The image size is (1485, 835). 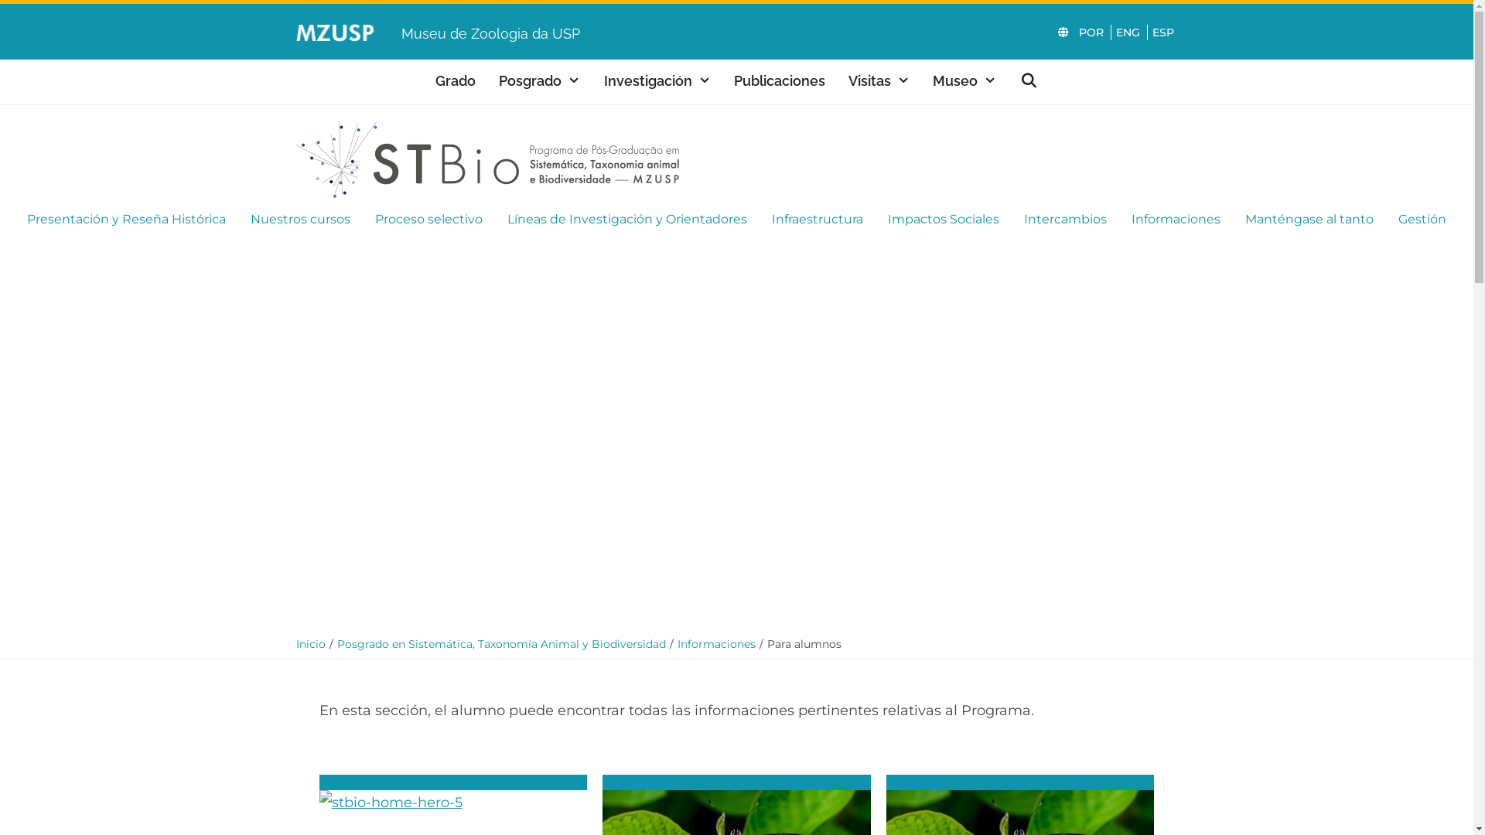 I want to click on 'Grado', so click(x=455, y=82).